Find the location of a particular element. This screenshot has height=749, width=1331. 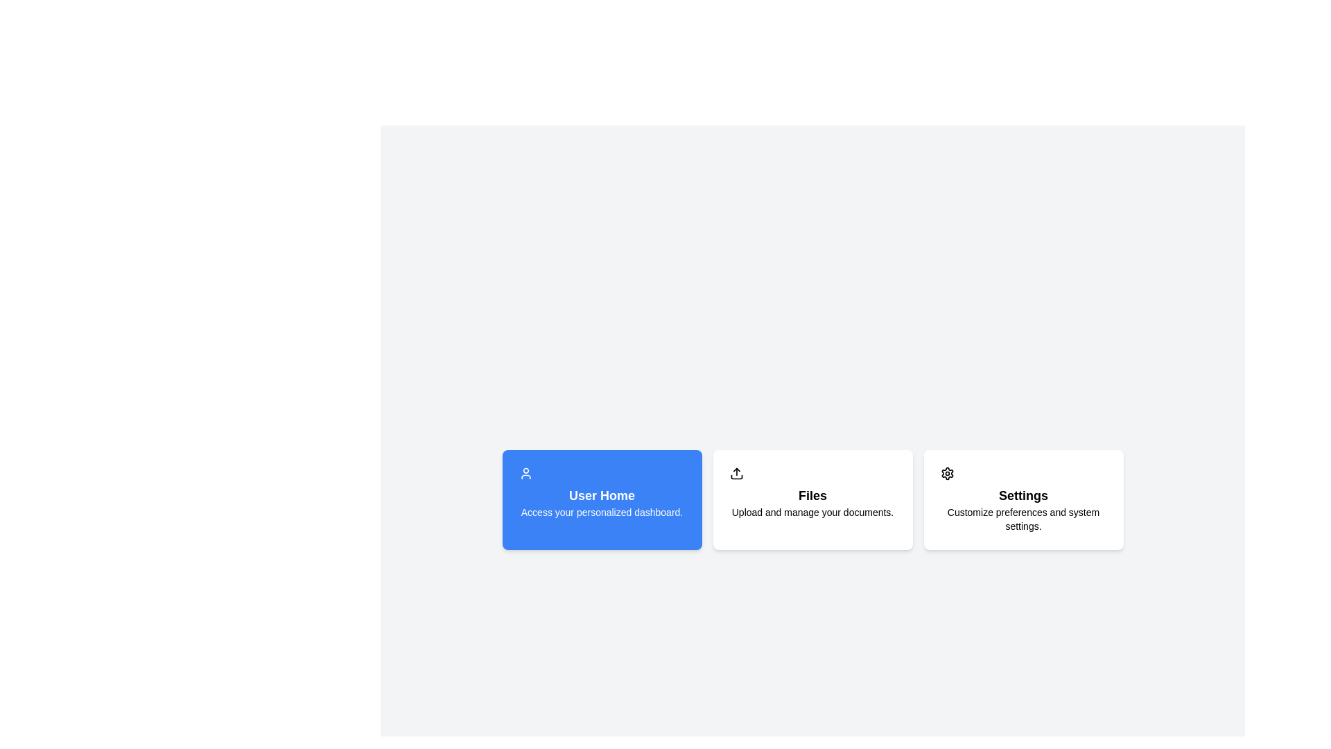

the informative text label that explains the functionality of the 'User Home' button, positioned within the blue card labeled 'User Home', below the heading 'User Home' is located at coordinates (602, 513).